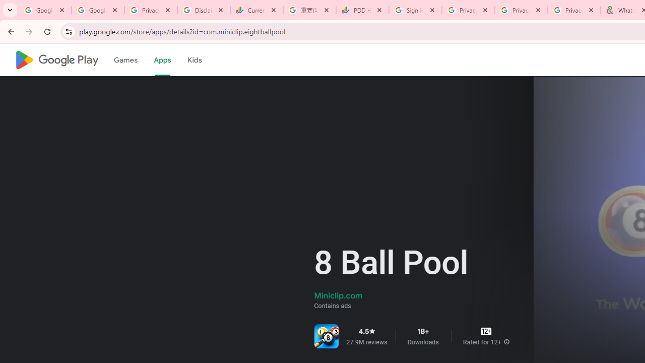  Describe the element at coordinates (338, 295) in the screenshot. I see `'Miniclip.com'` at that location.